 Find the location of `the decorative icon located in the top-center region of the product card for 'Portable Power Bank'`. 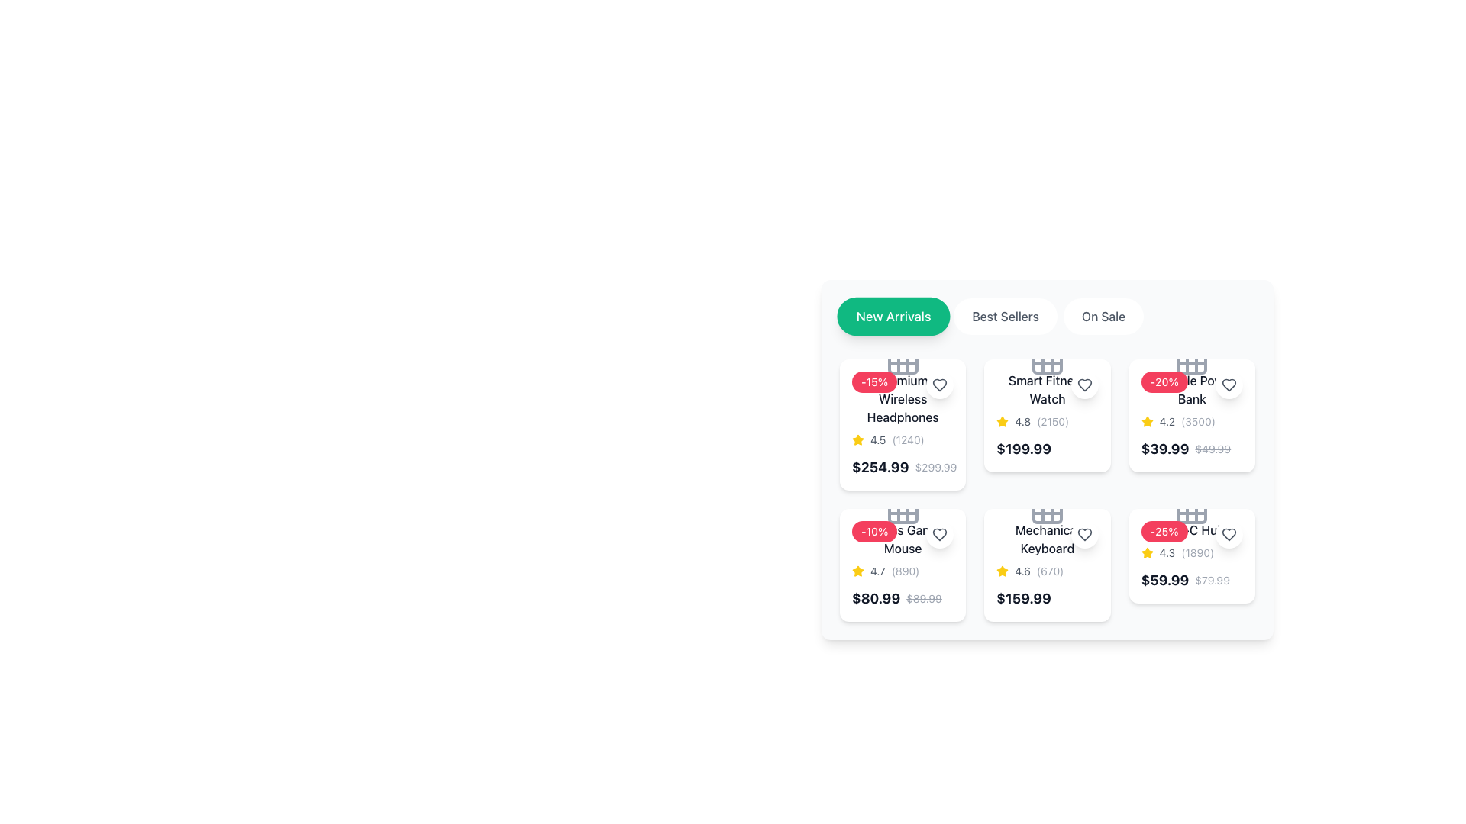

the decorative icon located in the top-center region of the product card for 'Portable Power Bank' is located at coordinates (1191, 359).